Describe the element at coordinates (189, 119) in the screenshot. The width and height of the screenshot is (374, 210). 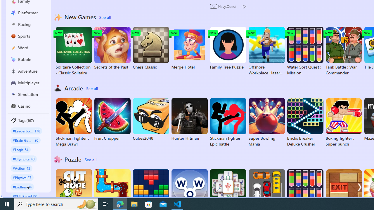
I see `'Hunter Hitman'` at that location.